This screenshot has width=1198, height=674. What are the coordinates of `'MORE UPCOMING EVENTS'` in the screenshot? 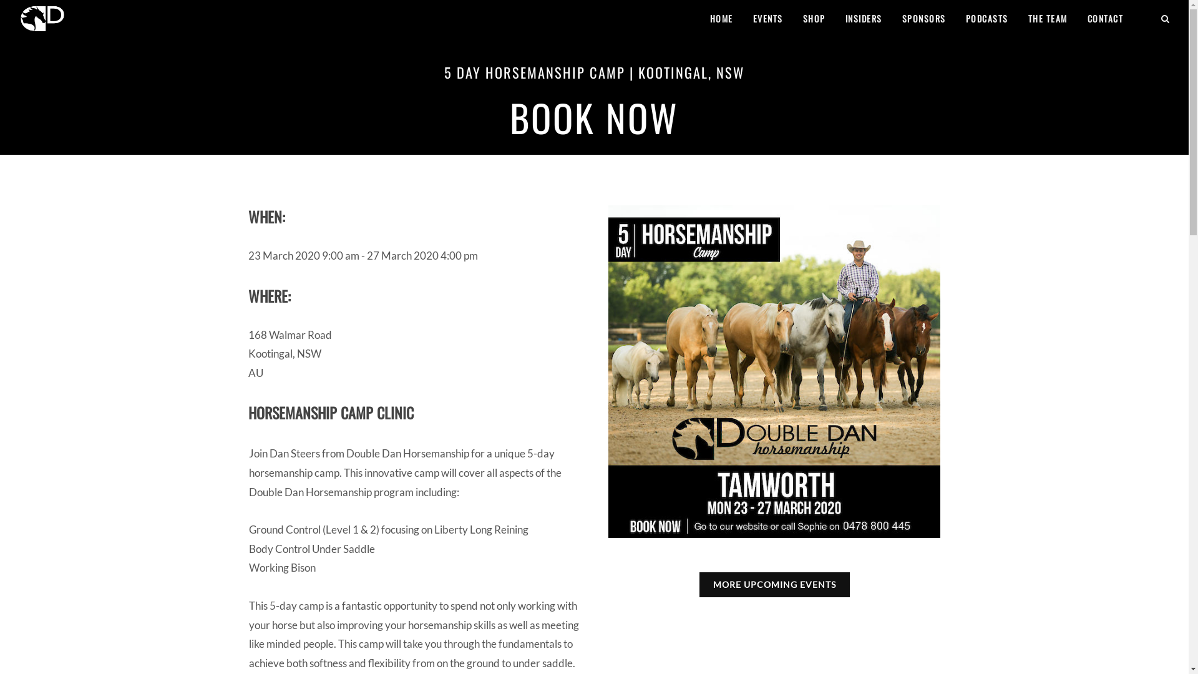 It's located at (774, 585).